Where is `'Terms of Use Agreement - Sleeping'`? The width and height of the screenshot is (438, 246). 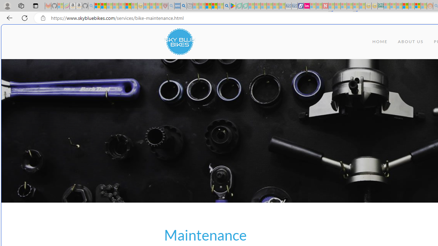
'Terms of Use Agreement - Sleeping' is located at coordinates (239, 6).